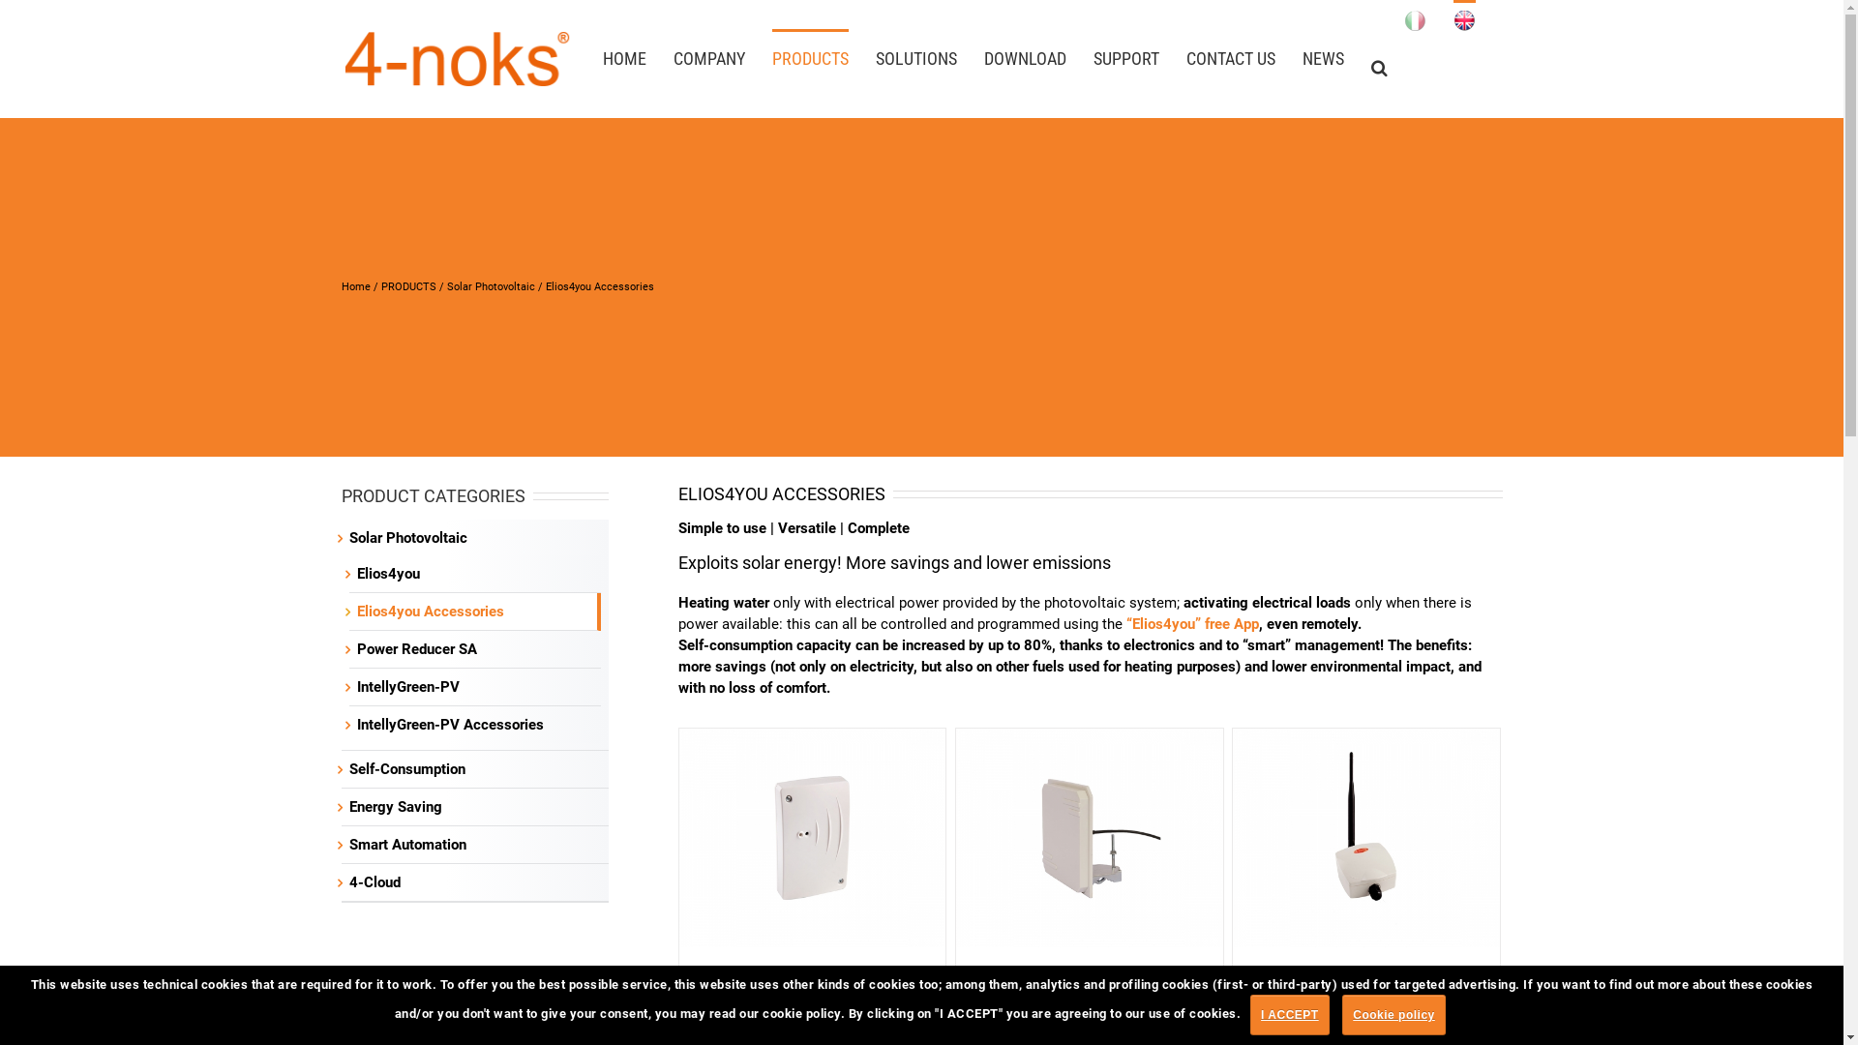 The image size is (1858, 1045). I want to click on 'DOWNLOAD', so click(1023, 55).